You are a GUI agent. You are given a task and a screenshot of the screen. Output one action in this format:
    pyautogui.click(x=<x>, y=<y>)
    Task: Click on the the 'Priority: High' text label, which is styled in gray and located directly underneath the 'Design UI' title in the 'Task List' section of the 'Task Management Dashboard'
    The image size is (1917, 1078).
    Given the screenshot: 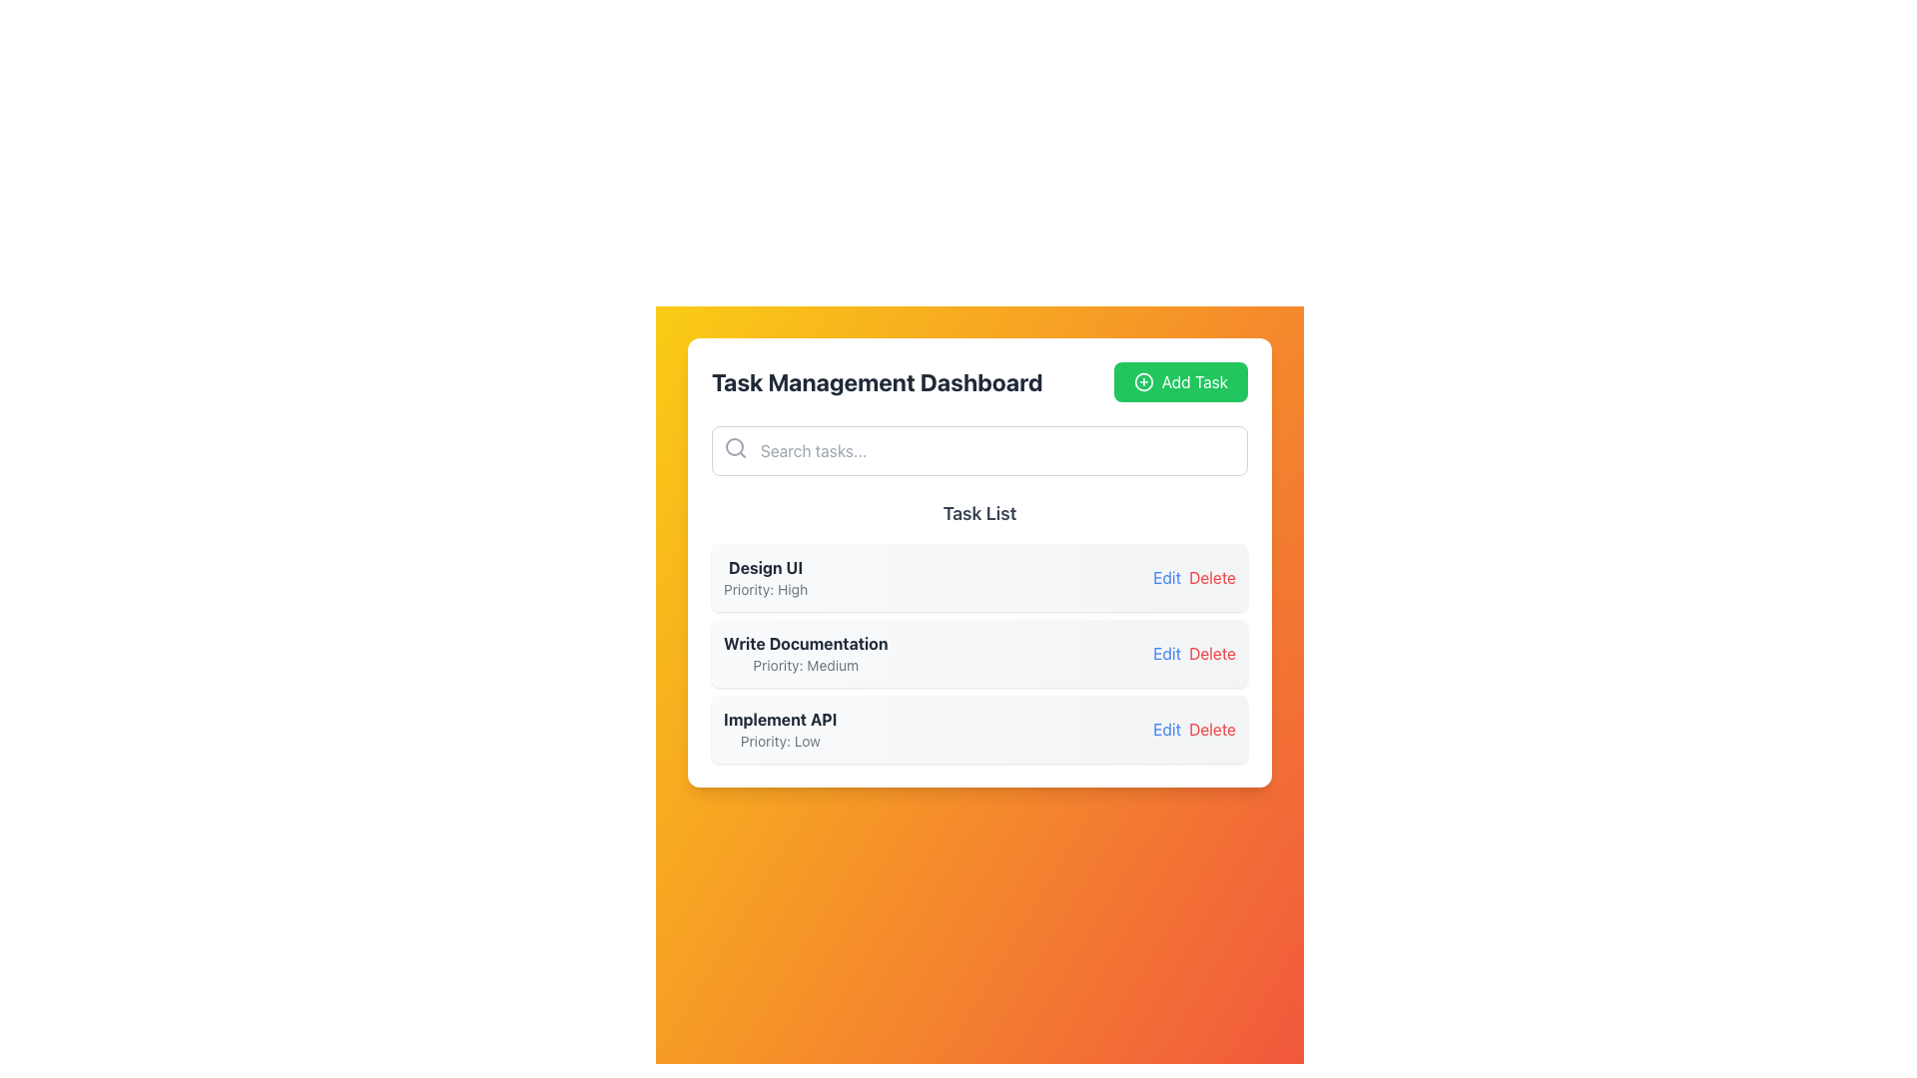 What is the action you would take?
    pyautogui.click(x=765, y=588)
    